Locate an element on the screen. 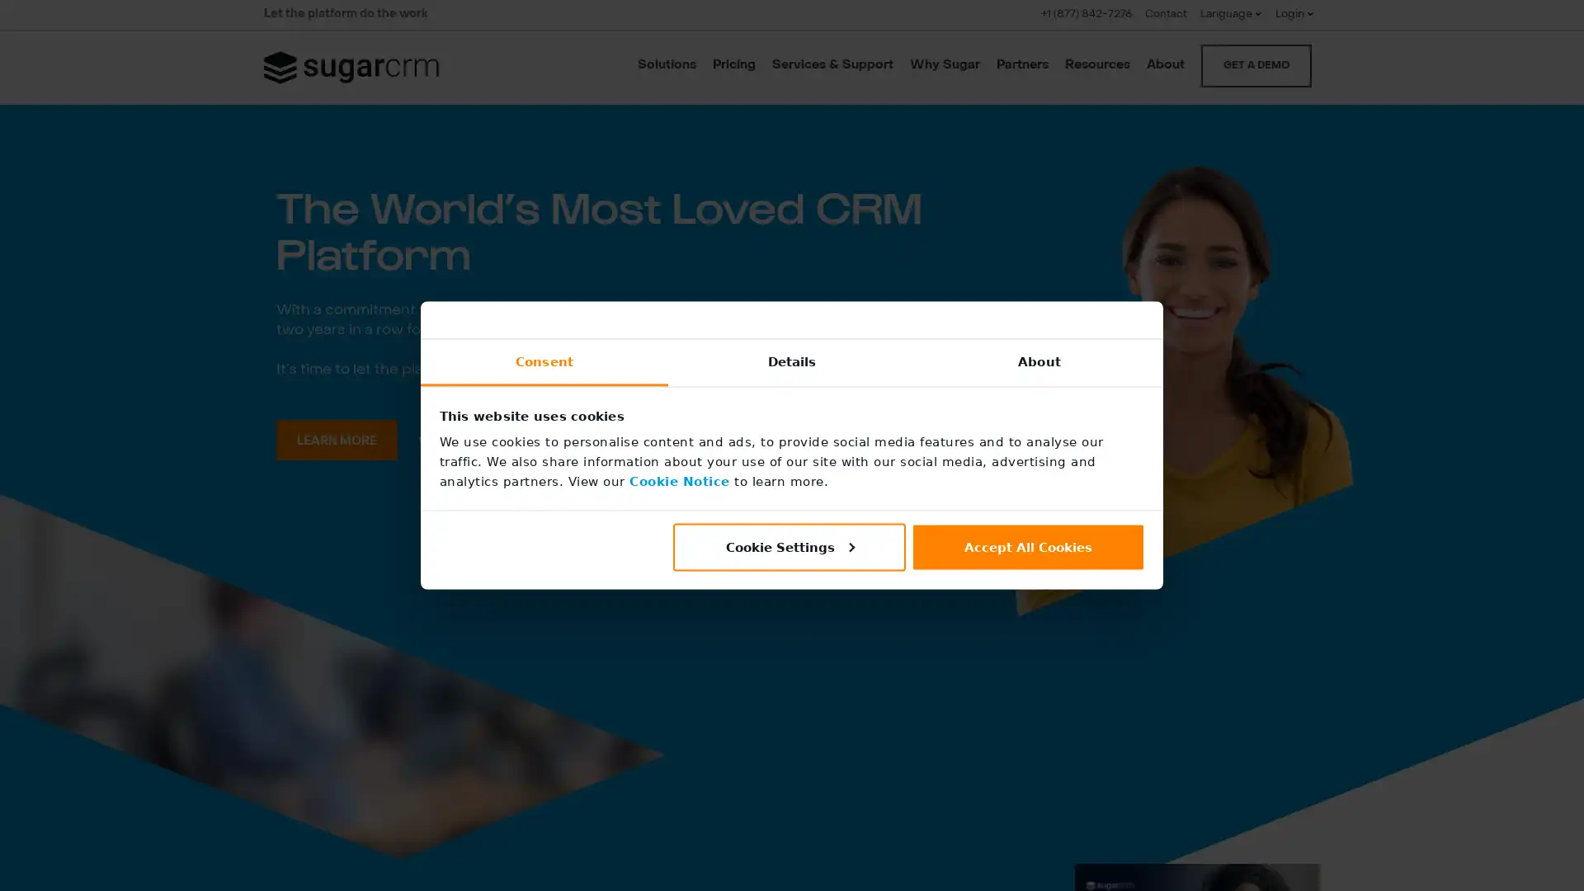 This screenshot has height=891, width=1584. Cookie Settings is located at coordinates (787, 547).